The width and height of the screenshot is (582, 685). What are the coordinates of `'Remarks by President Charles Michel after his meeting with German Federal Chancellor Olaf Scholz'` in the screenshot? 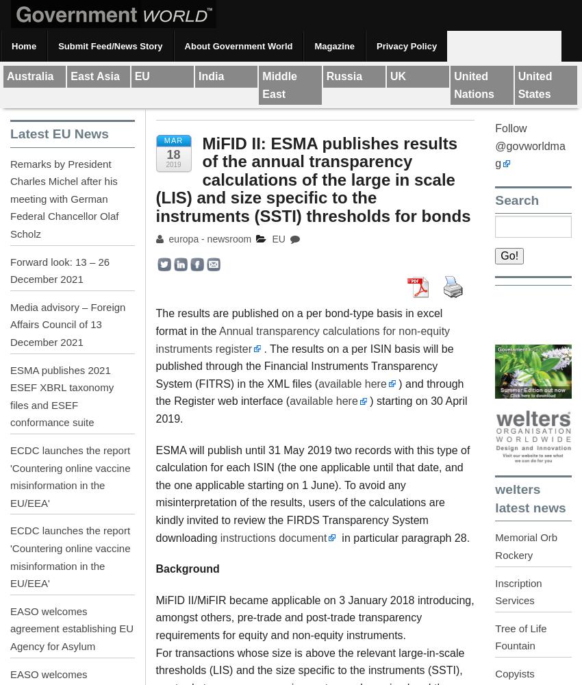 It's located at (64, 199).